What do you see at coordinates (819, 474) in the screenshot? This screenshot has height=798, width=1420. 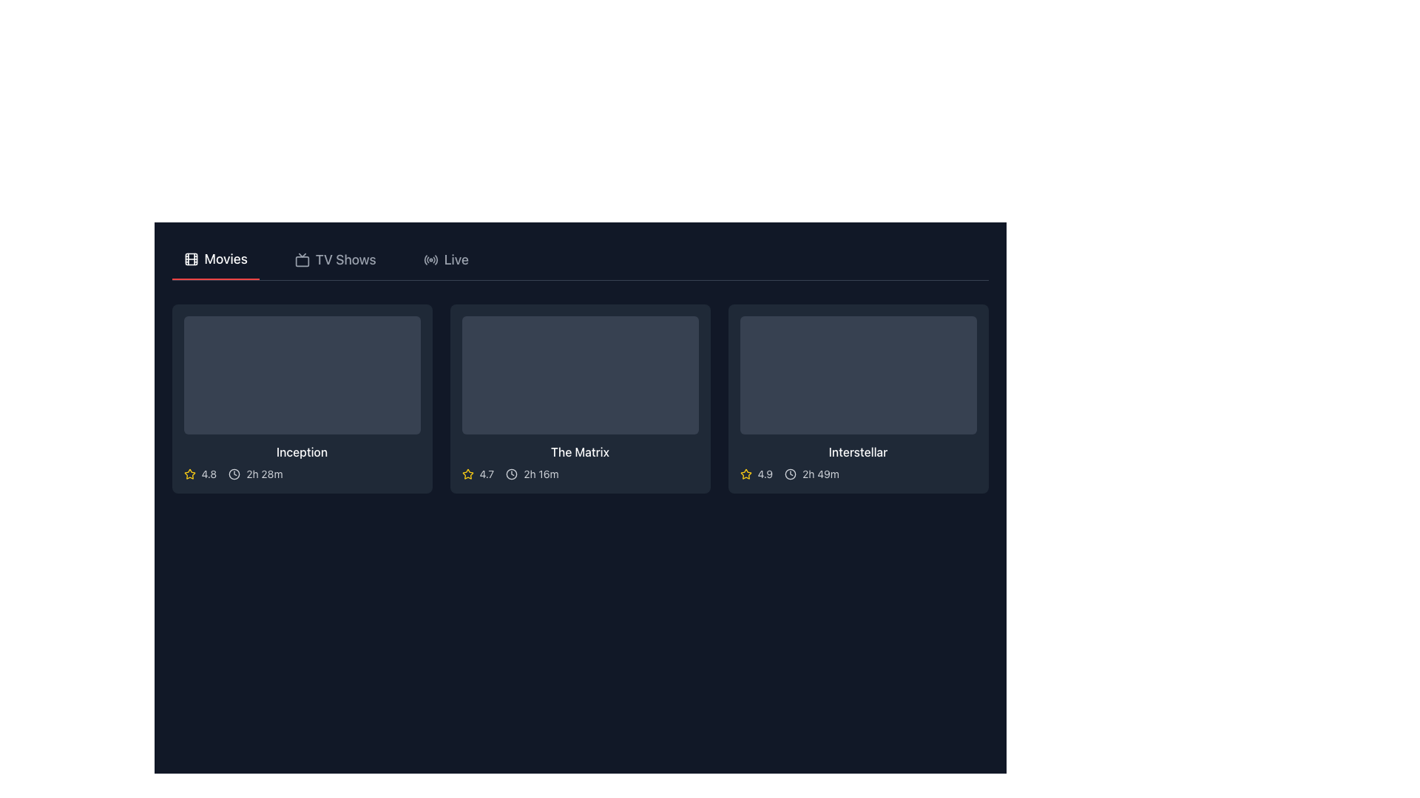 I see `the text label indicating the duration of the movie 'Interstellar', which is located in the lower section of the movie card, positioned to the right of the clock icon` at bounding box center [819, 474].